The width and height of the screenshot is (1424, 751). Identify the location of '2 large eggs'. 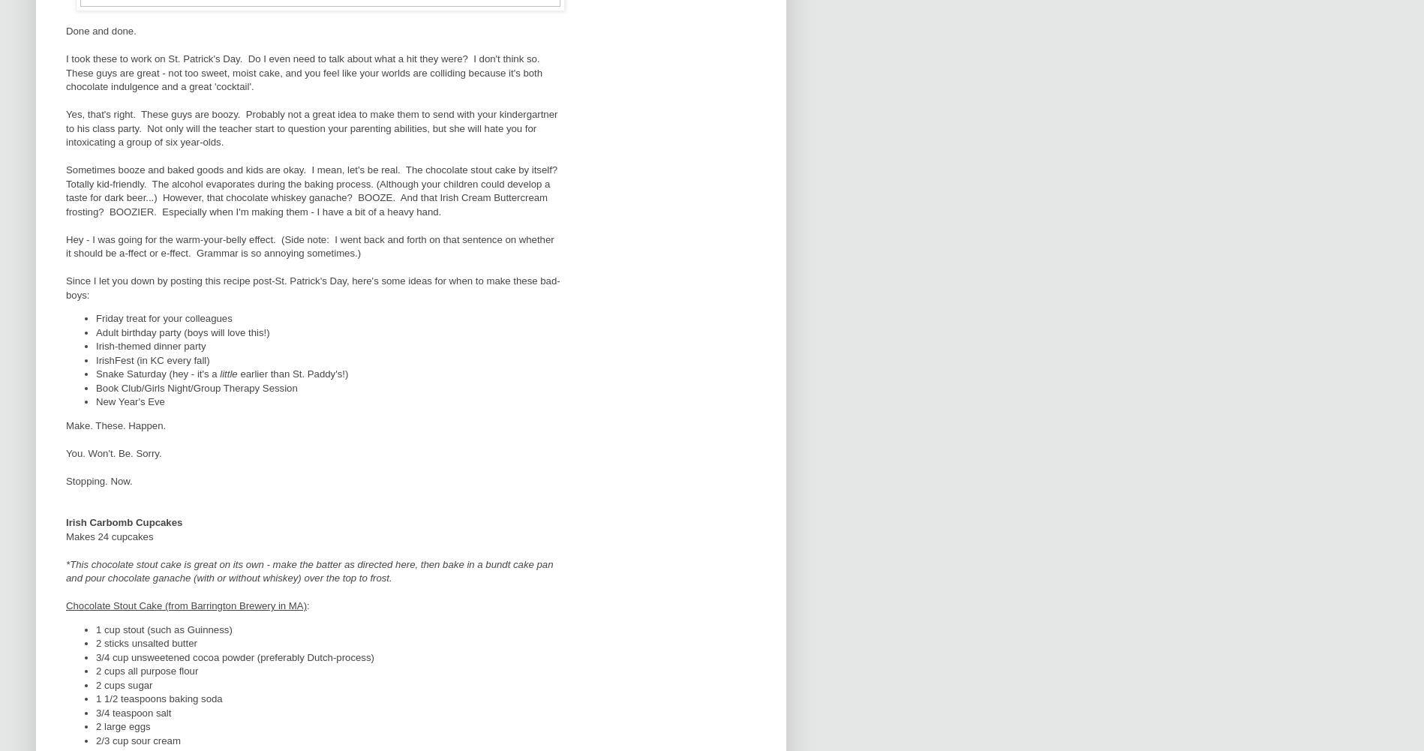
(122, 725).